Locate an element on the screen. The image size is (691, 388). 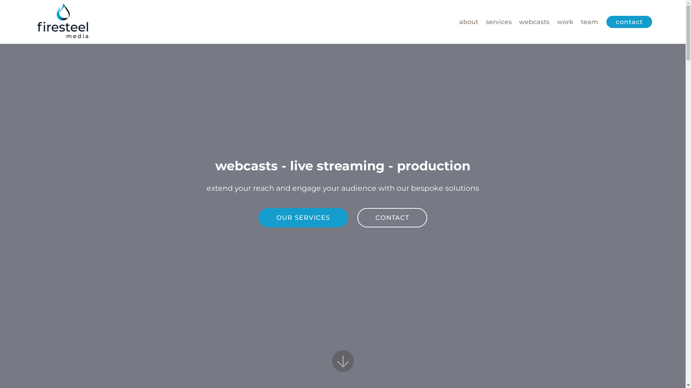
'work' is located at coordinates (565, 22).